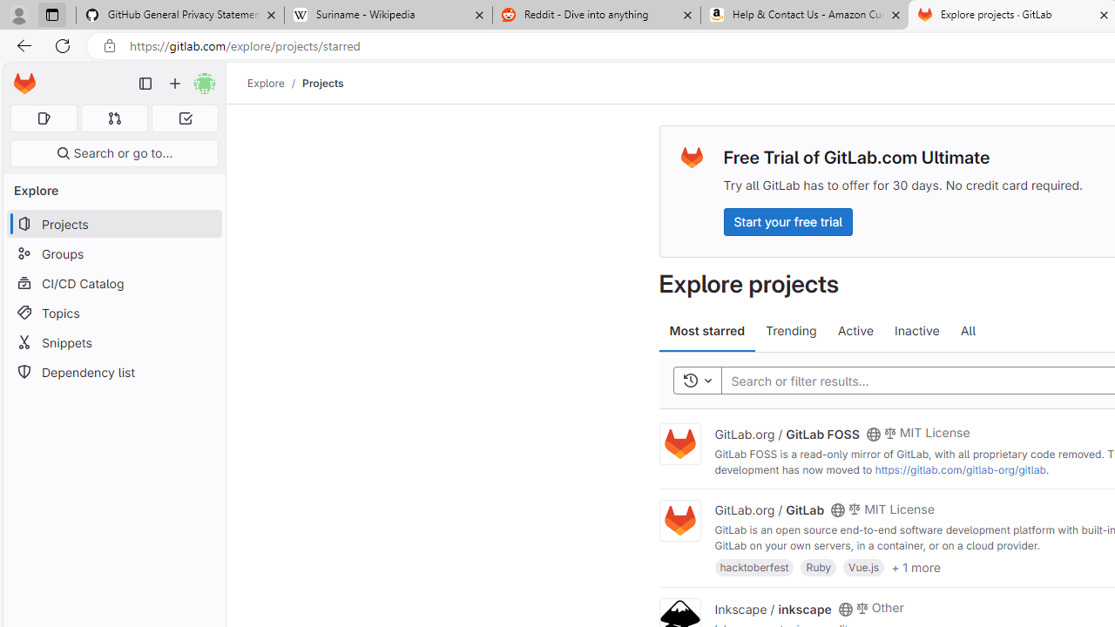 This screenshot has height=627, width=1115. Describe the element at coordinates (967, 331) in the screenshot. I see `'All'` at that location.